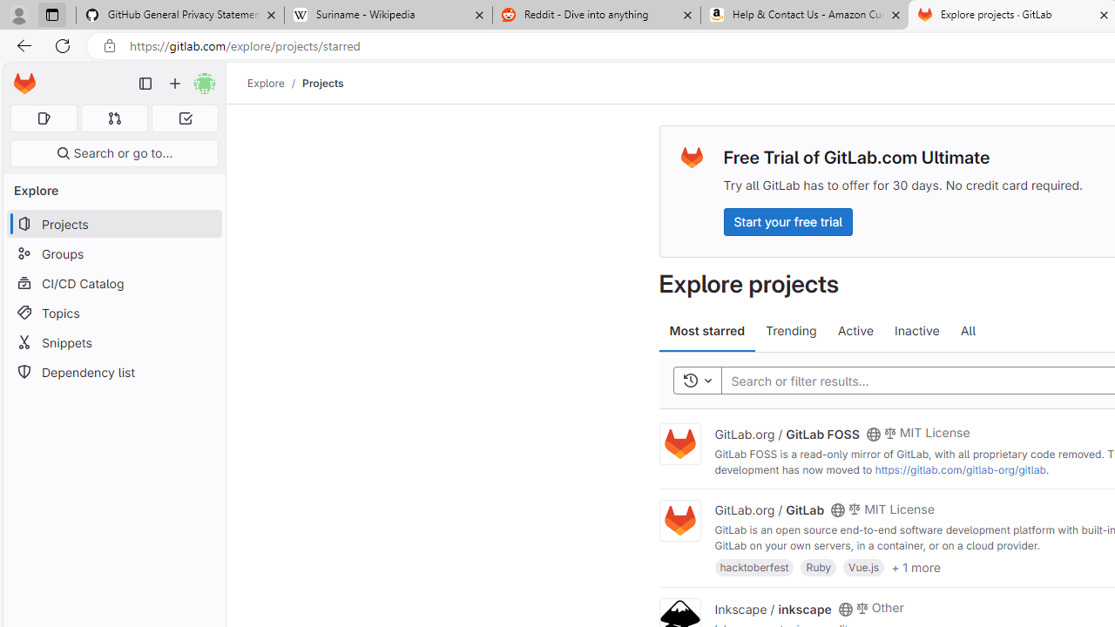 This screenshot has height=627, width=1115. Describe the element at coordinates (967, 331) in the screenshot. I see `'All'` at that location.